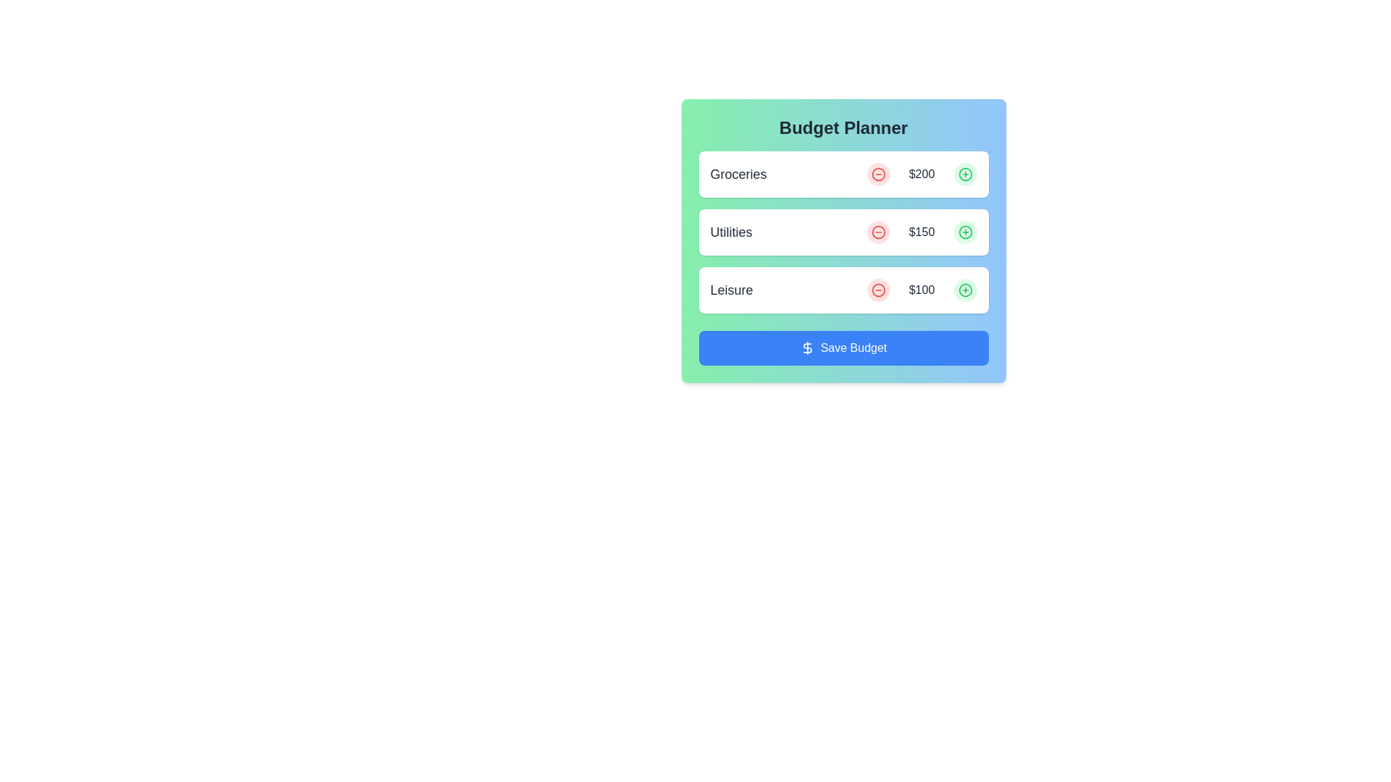 The image size is (1391, 782). Describe the element at coordinates (843, 348) in the screenshot. I see `keyboard navigation` at that location.